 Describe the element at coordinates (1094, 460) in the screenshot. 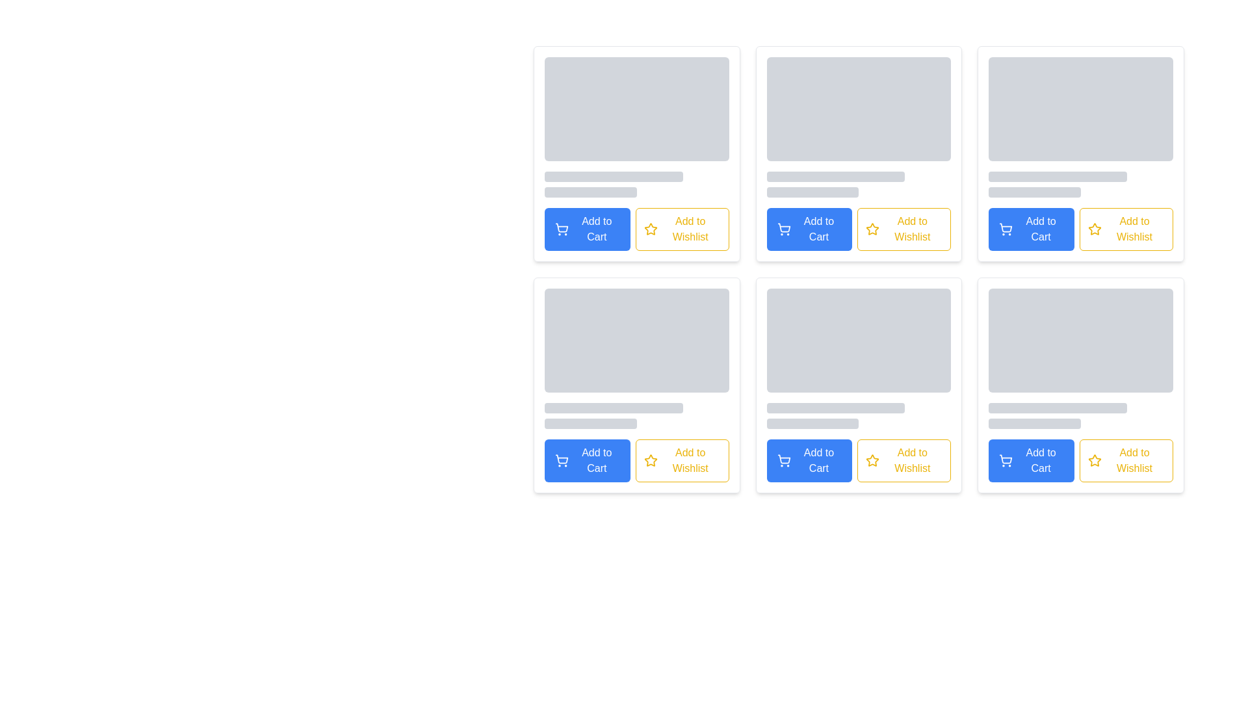

I see `the star icon button labeled 'Add to Wishlist', located immediately to the right of the blue 'Add to Cart' button in the bottom right section of the product card` at that location.